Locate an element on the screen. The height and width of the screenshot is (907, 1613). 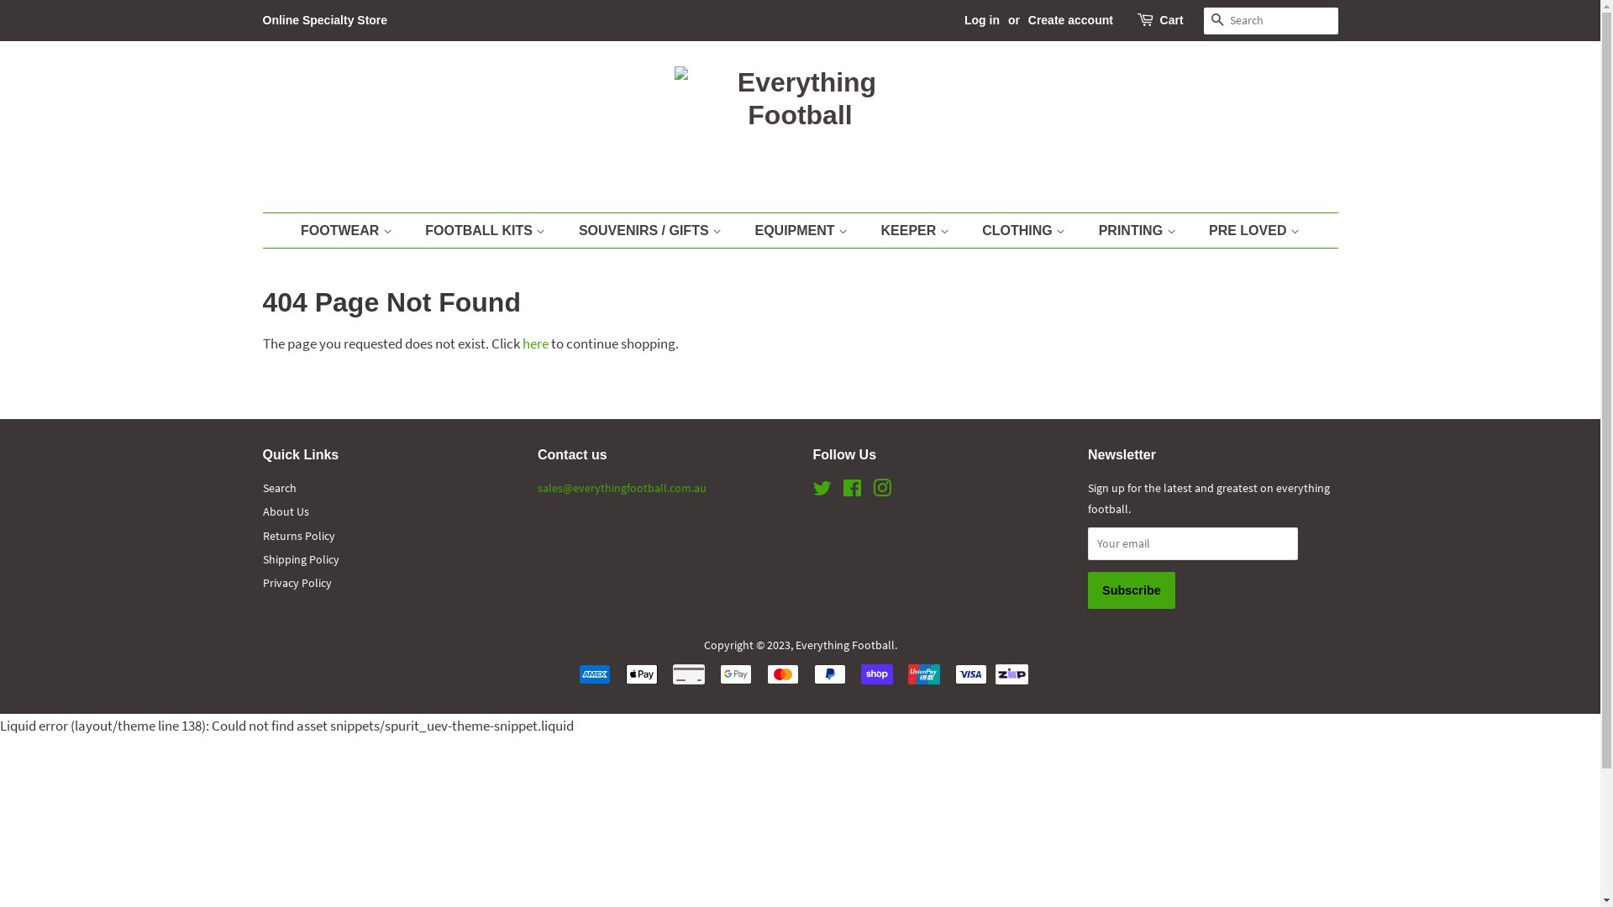
'Facebook' is located at coordinates (851, 491).